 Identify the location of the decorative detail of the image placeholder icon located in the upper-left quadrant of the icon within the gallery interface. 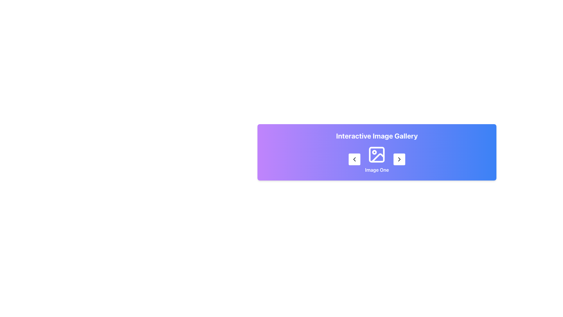
(374, 152).